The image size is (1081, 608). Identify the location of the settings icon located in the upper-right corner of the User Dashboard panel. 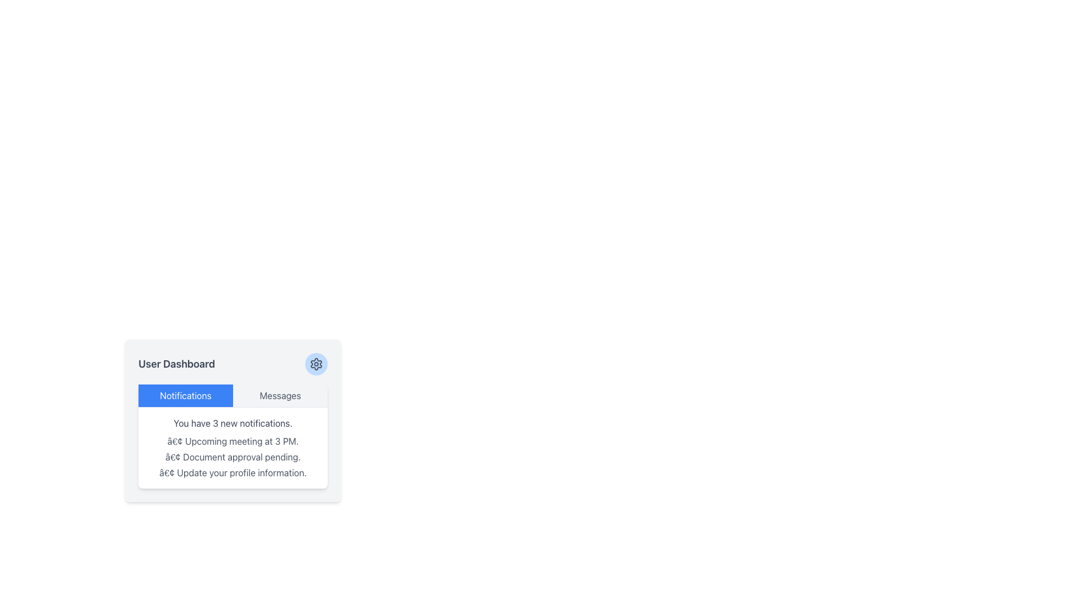
(315, 364).